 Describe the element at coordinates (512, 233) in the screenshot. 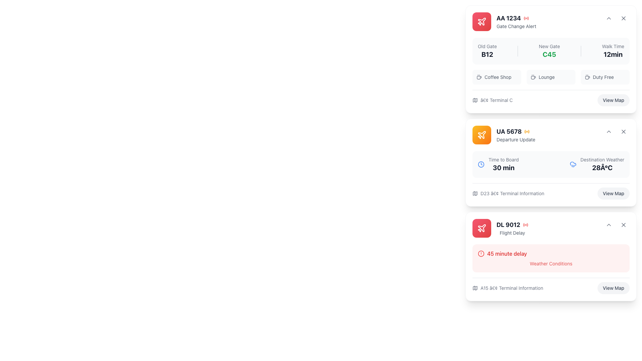

I see `the text label reading 'Flight Delay' located in the lower section of the flight card for 'DL 9012', positioned below the main flight information` at that location.